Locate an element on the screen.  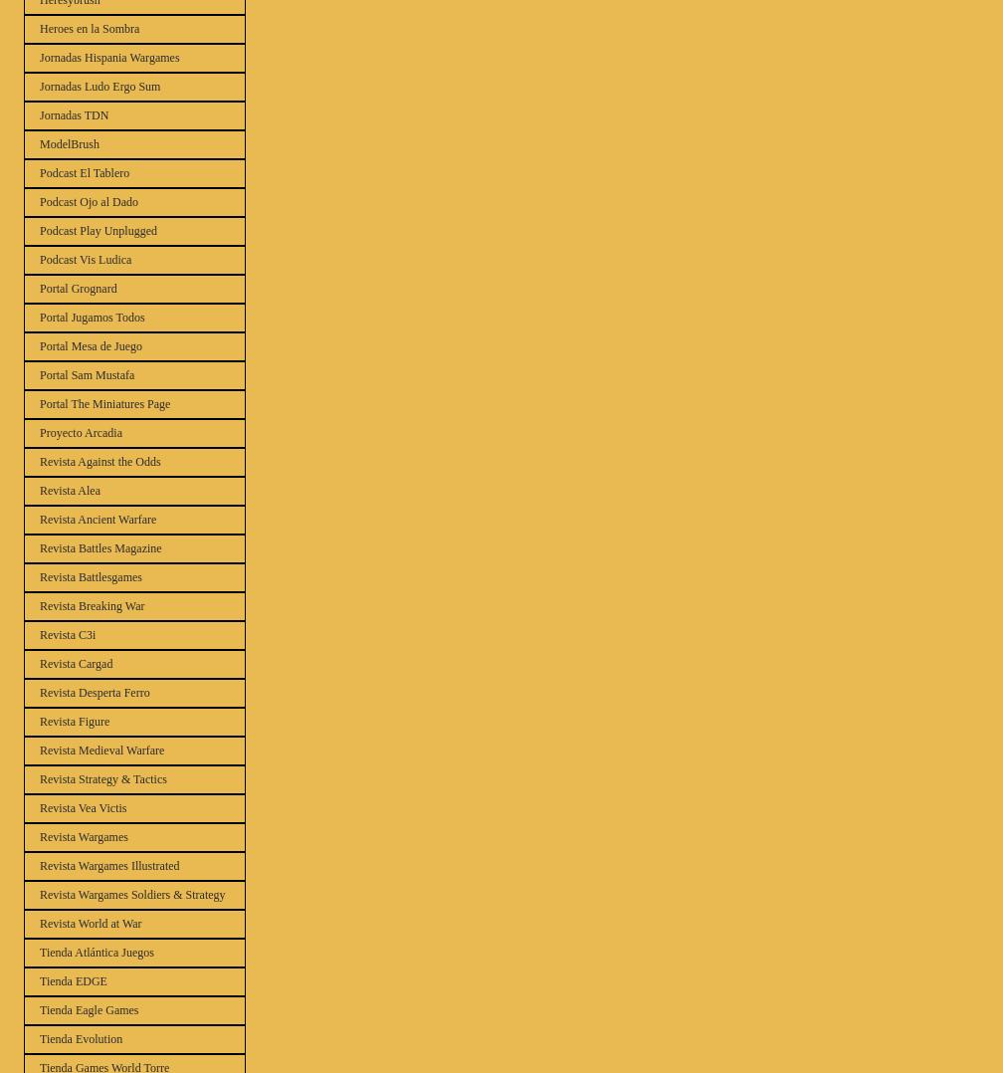
'Revista Battlesgames' is located at coordinates (91, 576).